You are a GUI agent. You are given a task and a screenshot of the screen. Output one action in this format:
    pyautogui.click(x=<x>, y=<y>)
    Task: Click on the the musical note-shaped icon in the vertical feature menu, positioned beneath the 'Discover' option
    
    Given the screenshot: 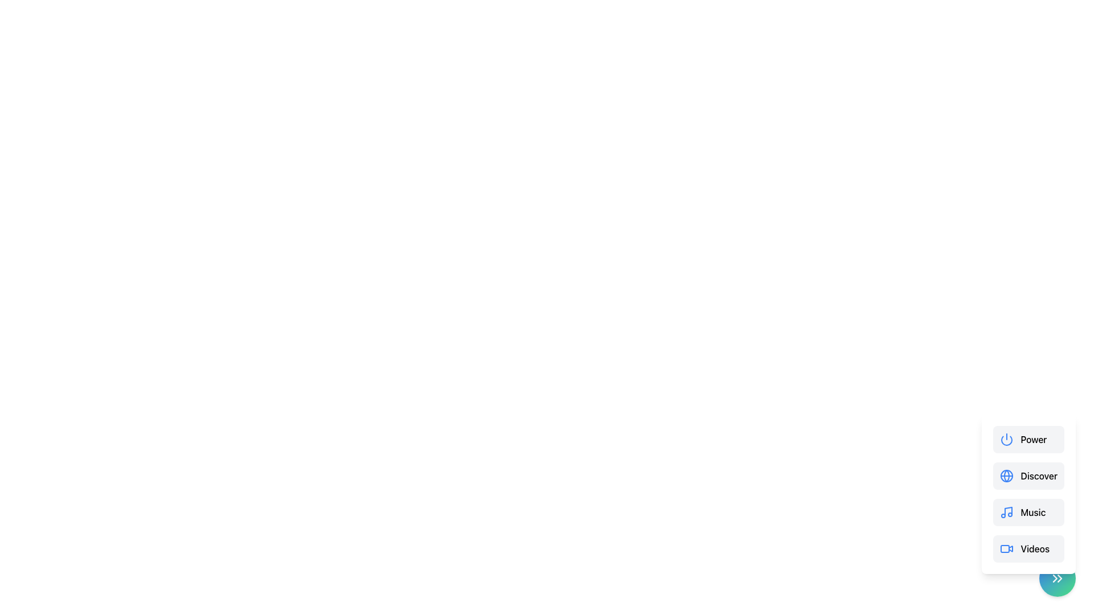 What is the action you would take?
    pyautogui.click(x=1009, y=511)
    